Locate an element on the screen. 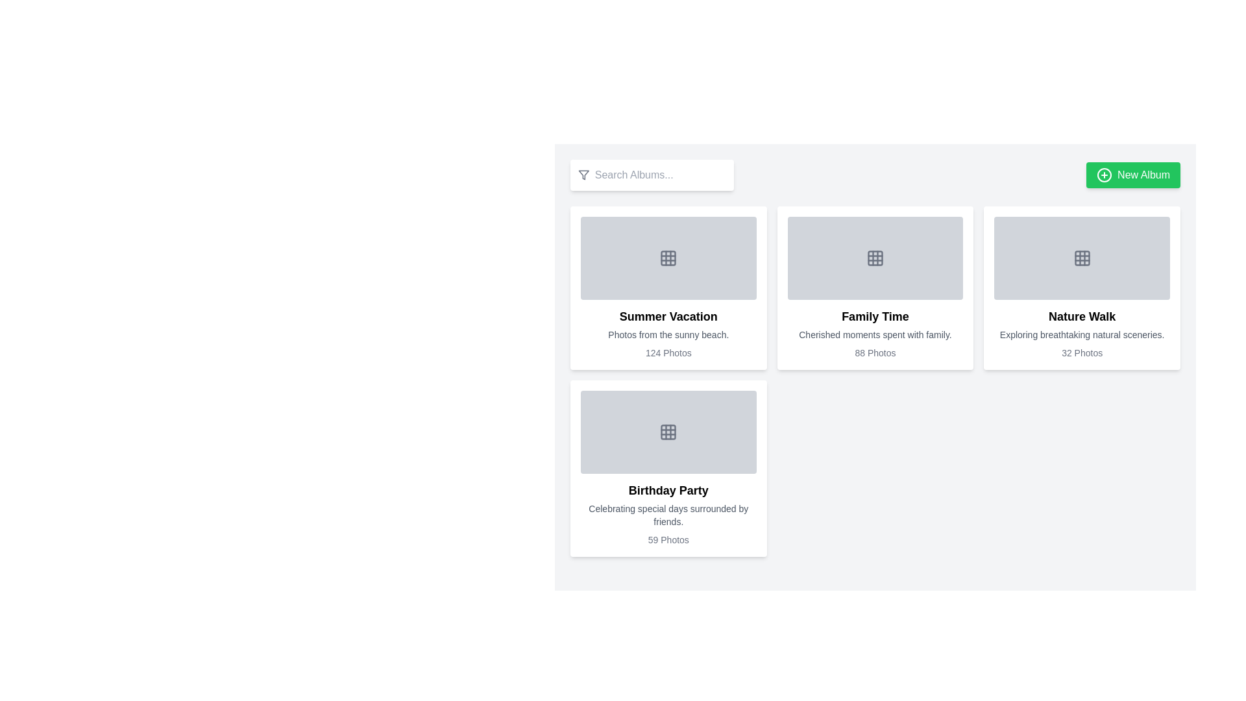 The width and height of the screenshot is (1246, 701). the small rectangular grid icon with rounded corners in the bottom-left thumbnail for 'Birthday Party' is located at coordinates (668, 432).